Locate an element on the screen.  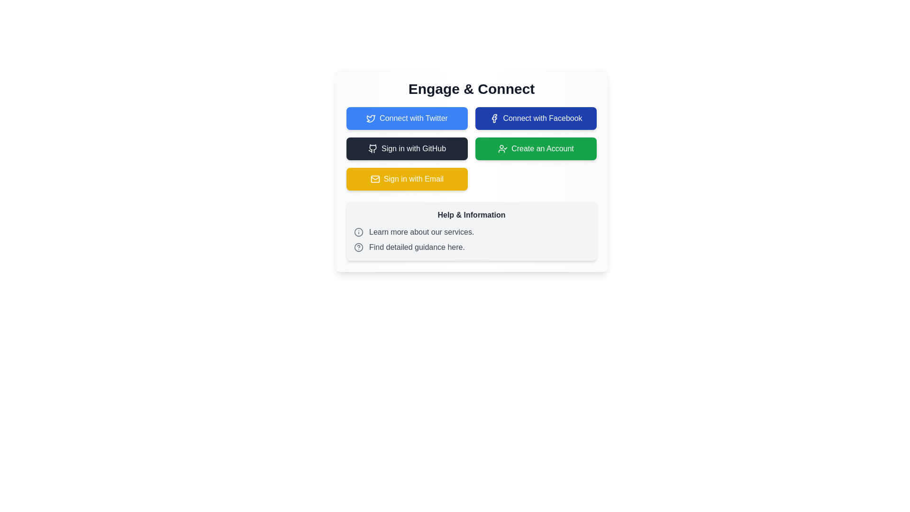
the user silhouette icon with a checkmark on its side, located to the left of the 'Create an Account' button under the 'Engage & Connect' heading is located at coordinates (502, 148).